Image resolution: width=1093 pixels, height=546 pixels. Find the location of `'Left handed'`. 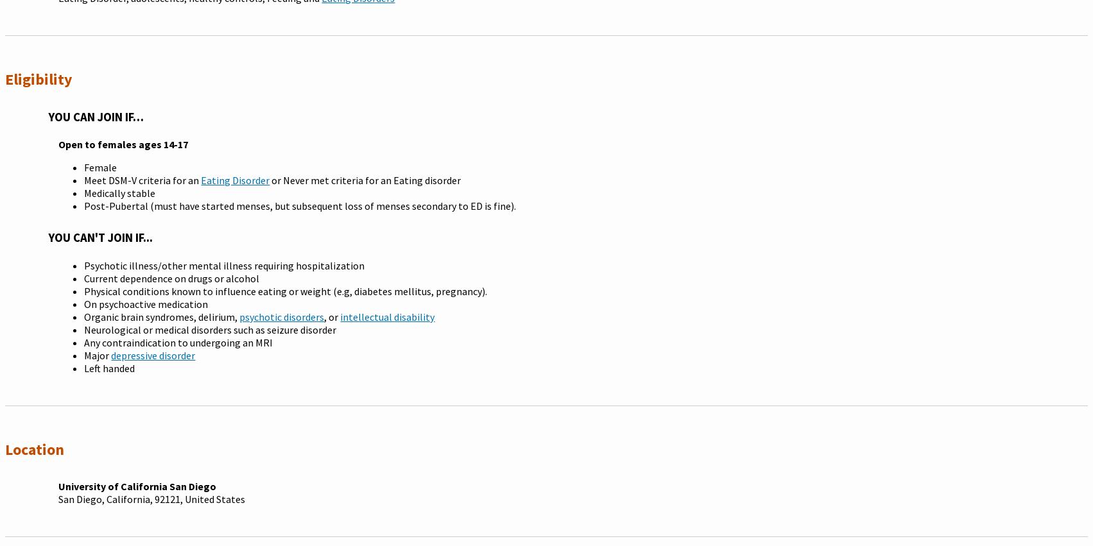

'Left handed' is located at coordinates (83, 367).